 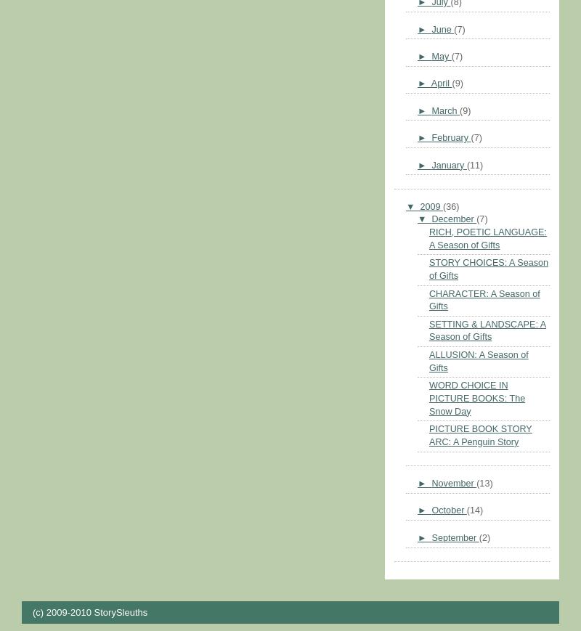 What do you see at coordinates (450, 205) in the screenshot?
I see `'(36)'` at bounding box center [450, 205].